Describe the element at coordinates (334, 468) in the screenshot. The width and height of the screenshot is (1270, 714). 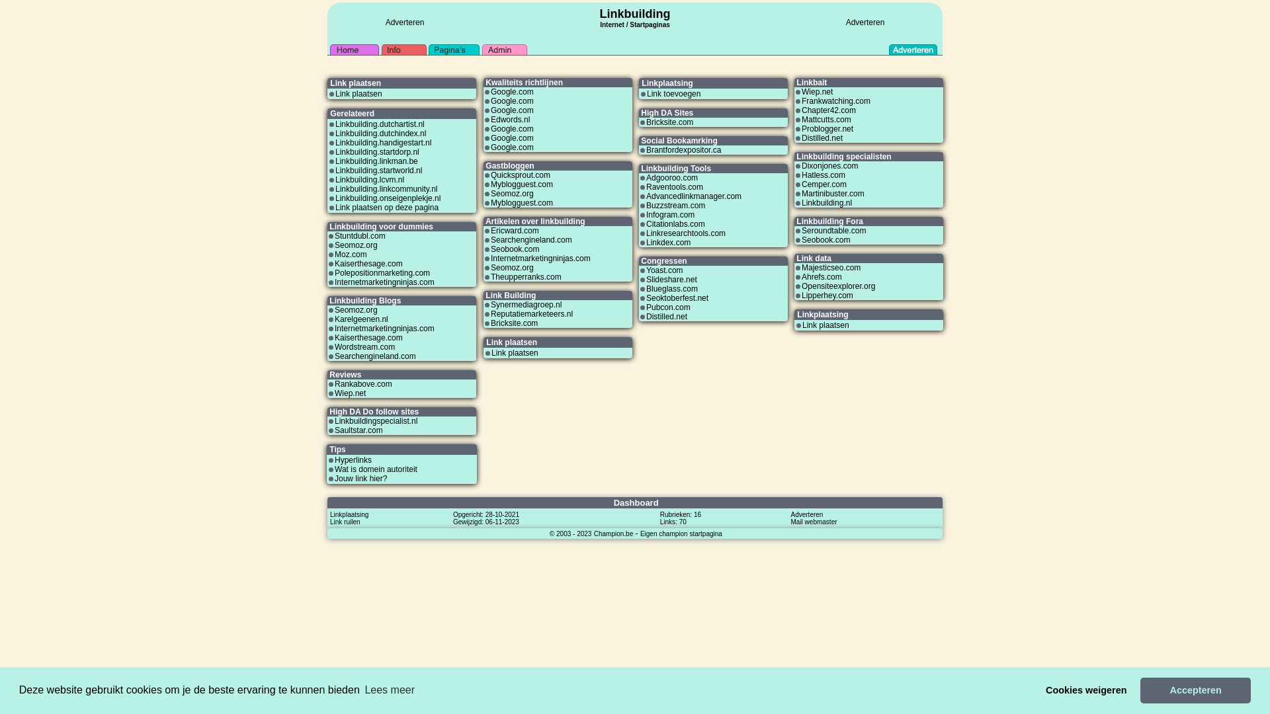
I see `'Wat is domein autoriteit'` at that location.